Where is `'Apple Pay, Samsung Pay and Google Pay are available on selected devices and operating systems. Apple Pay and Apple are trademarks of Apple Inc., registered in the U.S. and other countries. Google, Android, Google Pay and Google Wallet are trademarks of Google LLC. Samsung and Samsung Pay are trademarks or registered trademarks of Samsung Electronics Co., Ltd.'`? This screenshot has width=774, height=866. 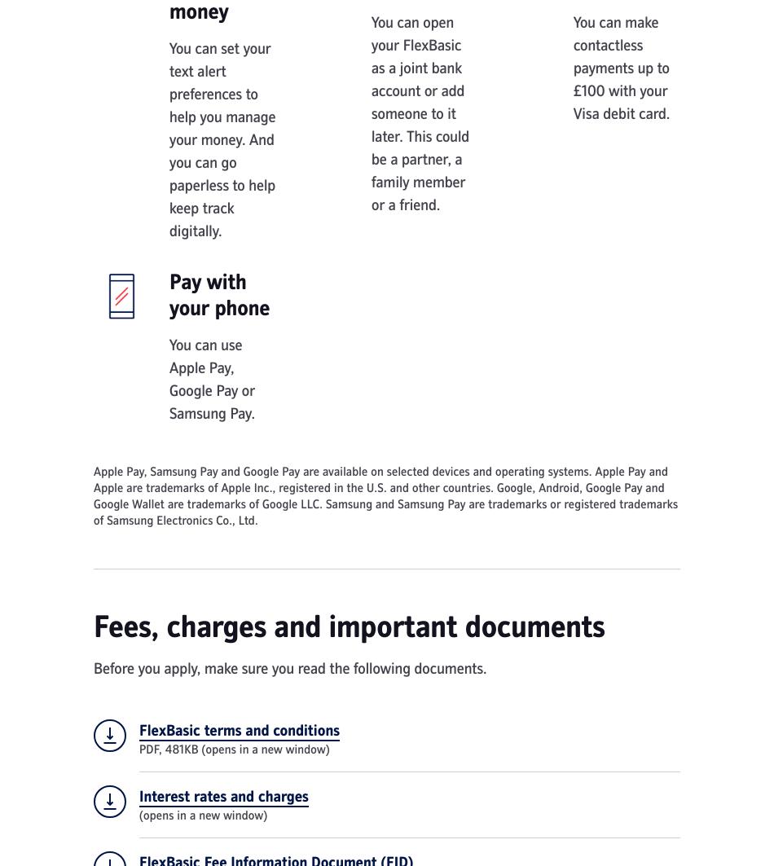 'Apple Pay, Samsung Pay and Google Pay are available on selected devices and operating systems. Apple Pay and Apple are trademarks of Apple Inc., registered in the U.S. and other countries. Google, Android, Google Pay and Google Wallet are trademarks of Google LLC. Samsung and Samsung Pay are trademarks or registered trademarks of Samsung Electronics Co., Ltd.' is located at coordinates (385, 495).